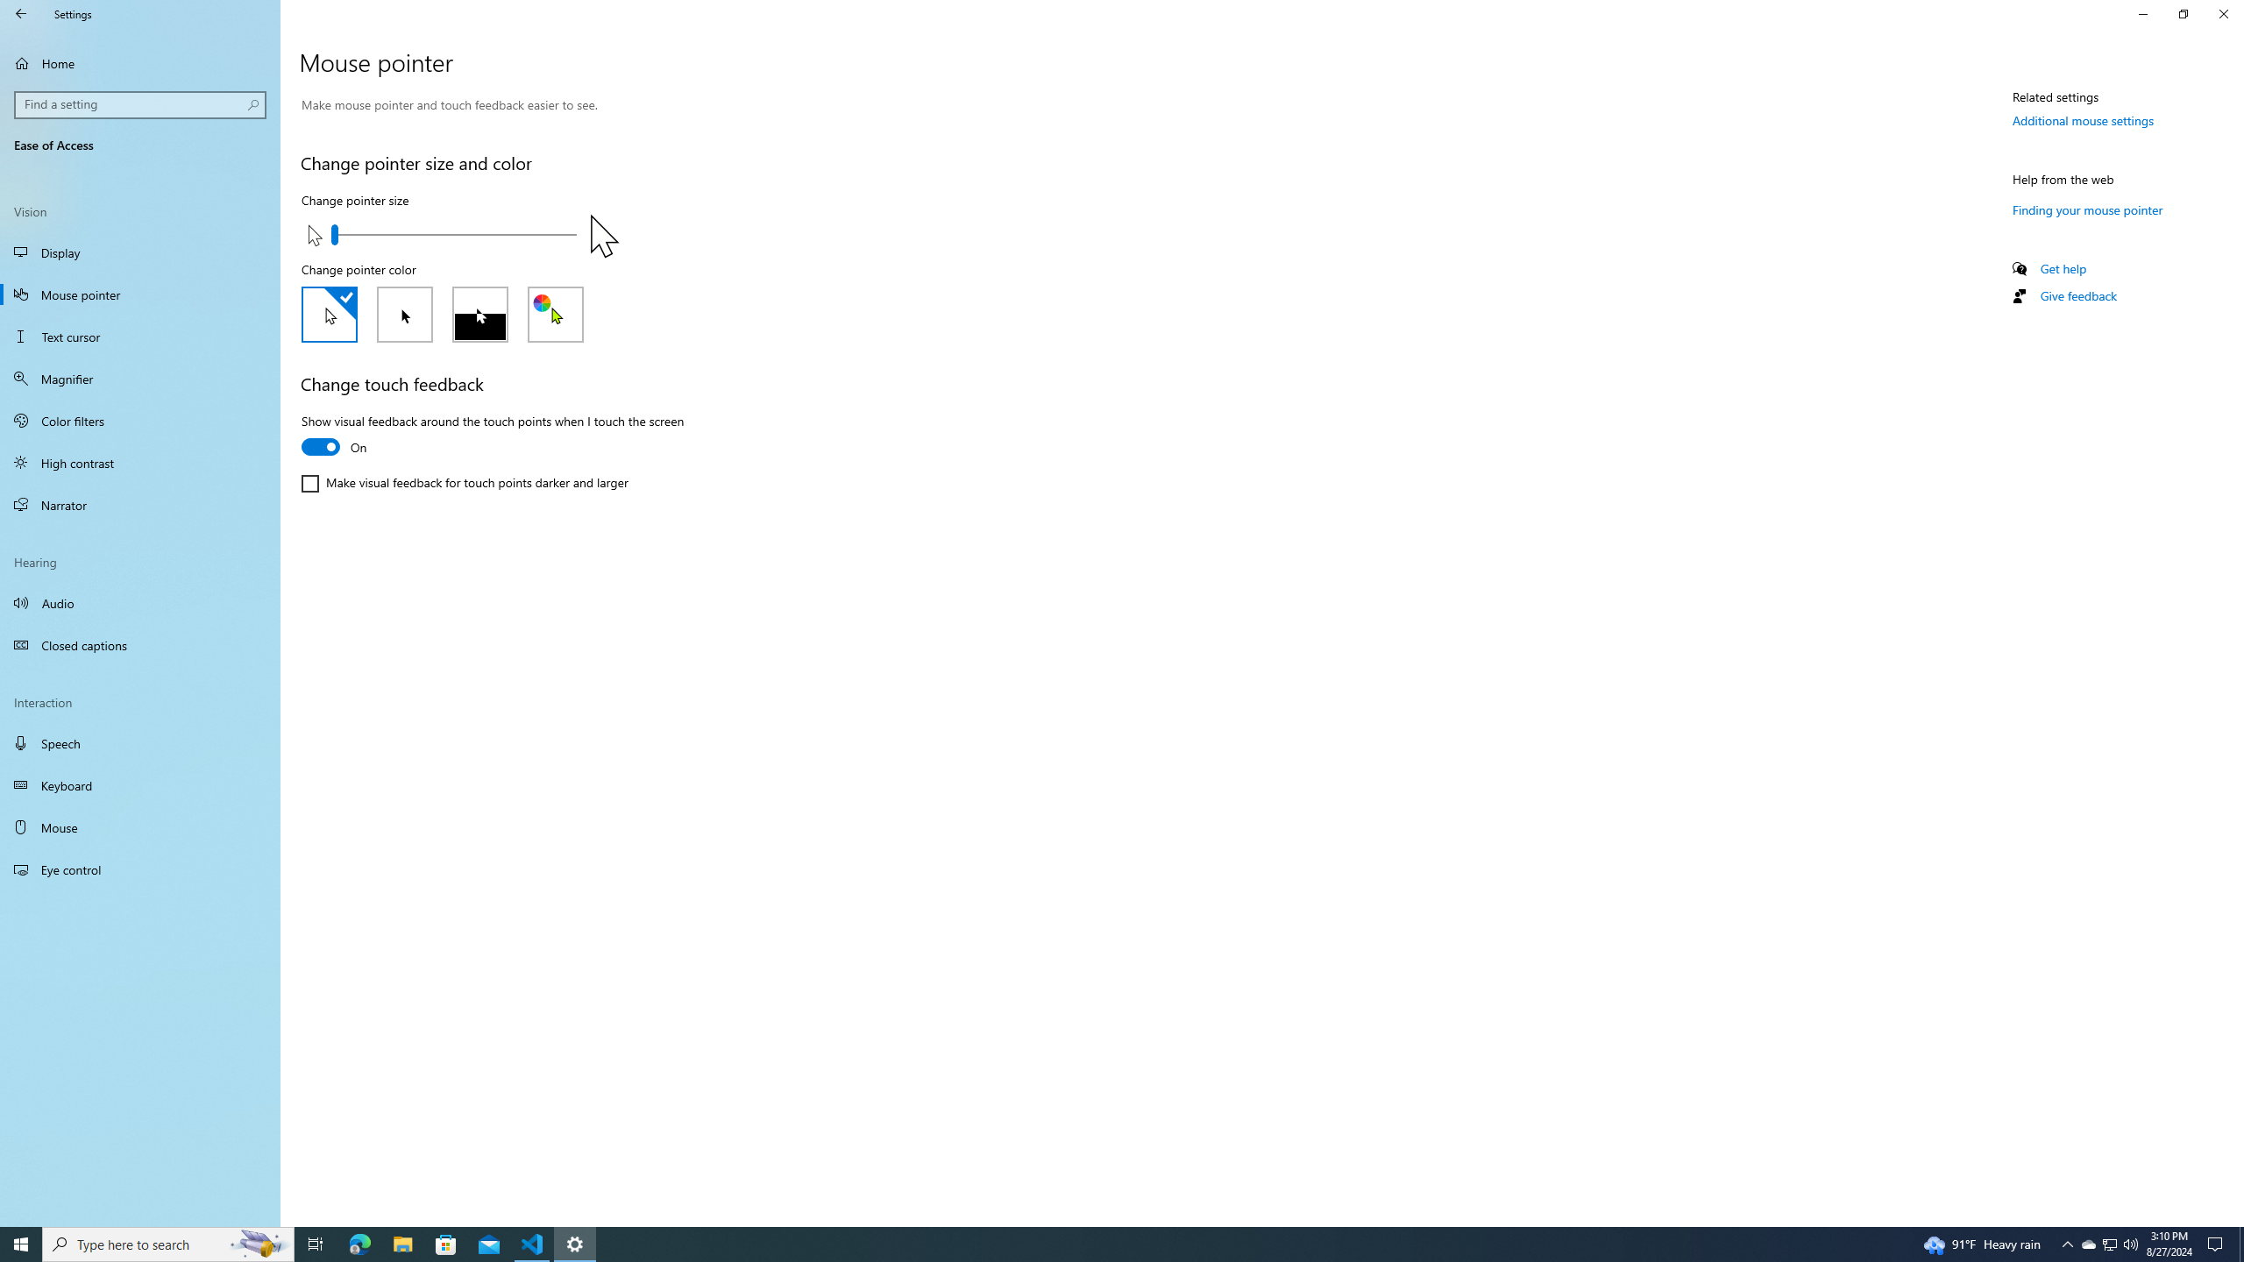 The width and height of the screenshot is (2244, 1262). I want to click on 'Color filters', so click(139, 420).